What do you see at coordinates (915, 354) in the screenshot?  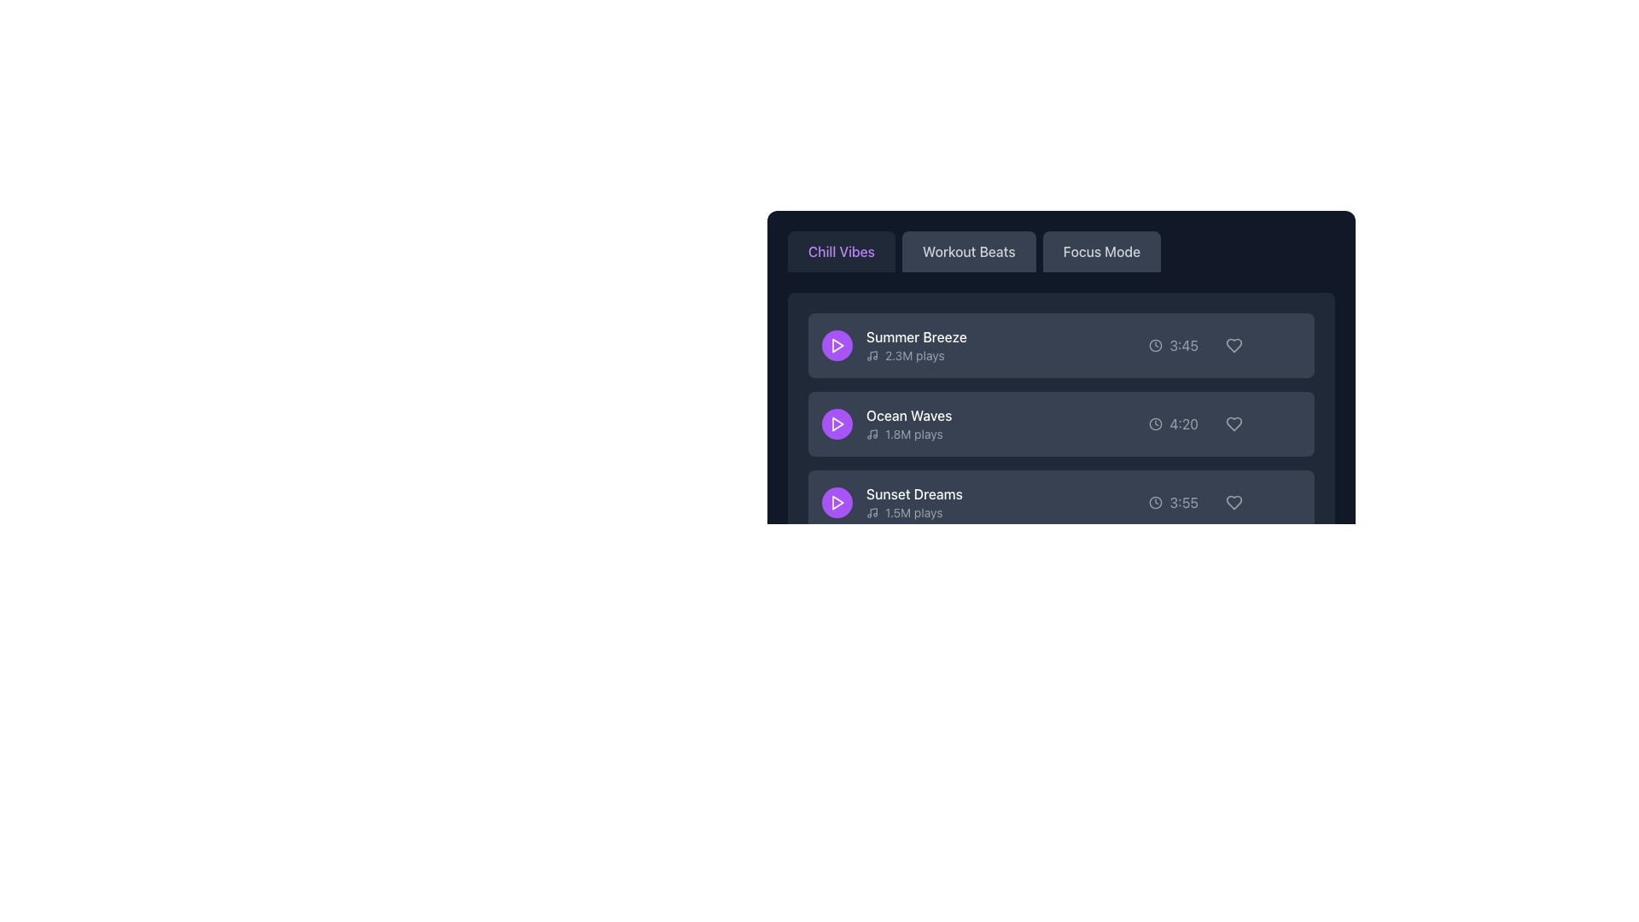 I see `the text label that displays the number of plays for the 'Summer Breeze' item, located below the 'Summer Breeze' text and aligned with the play button` at bounding box center [915, 354].